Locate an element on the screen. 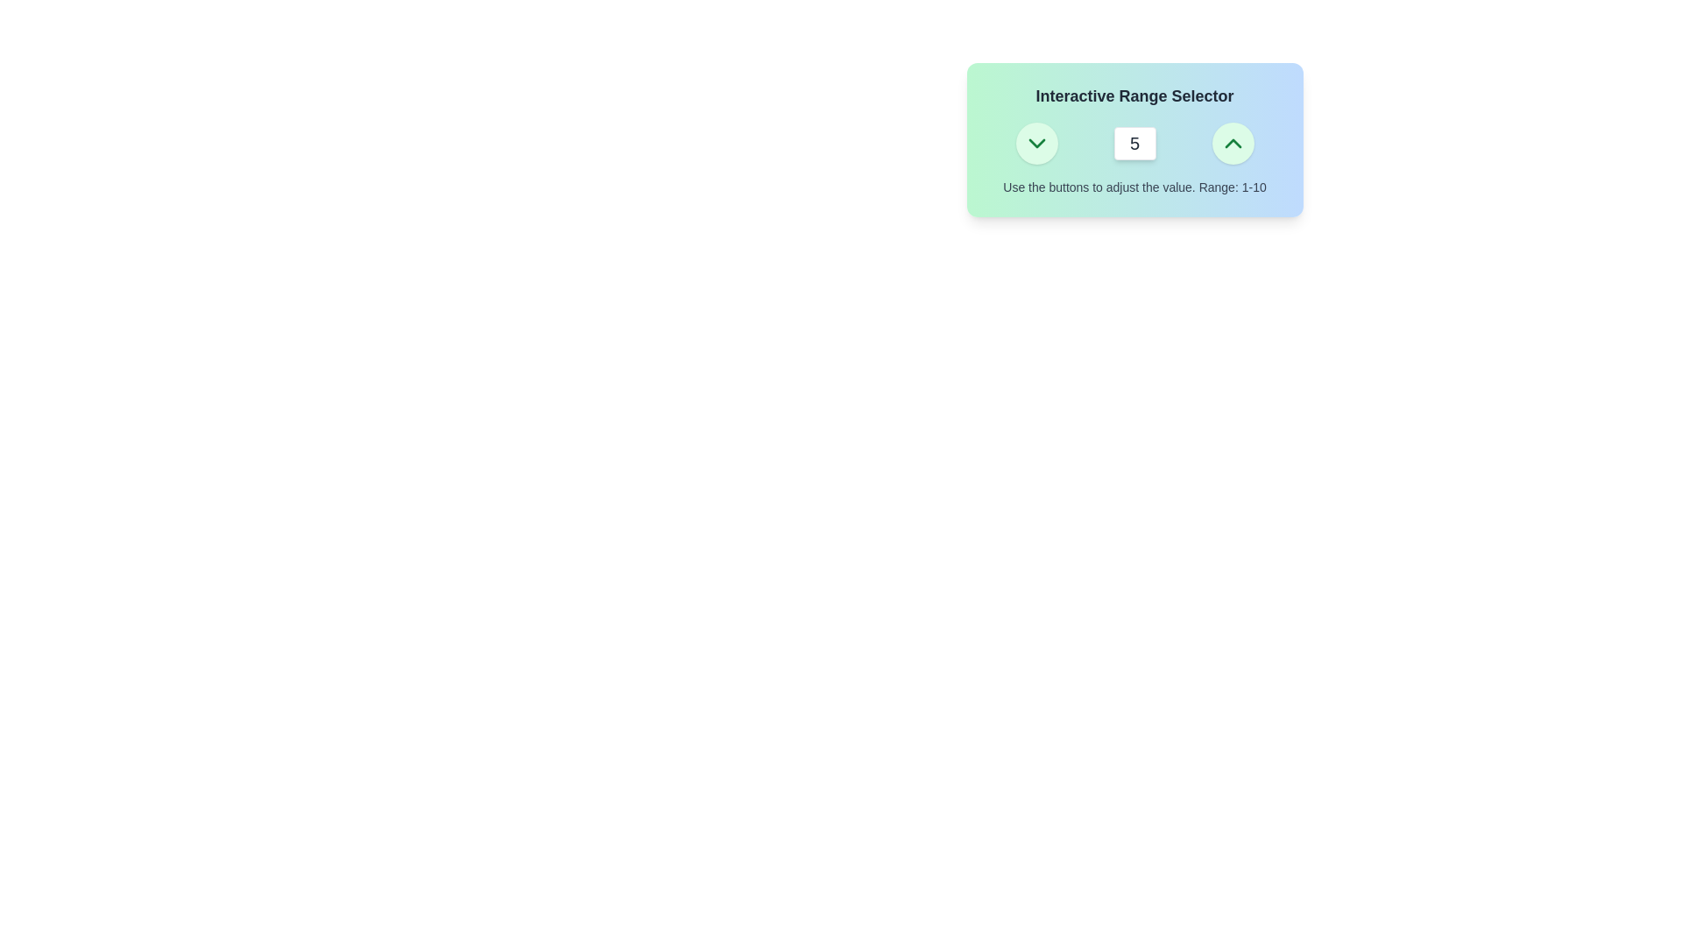 This screenshot has height=946, width=1682. the numeric input field displaying the value '5' is located at coordinates (1134, 143).